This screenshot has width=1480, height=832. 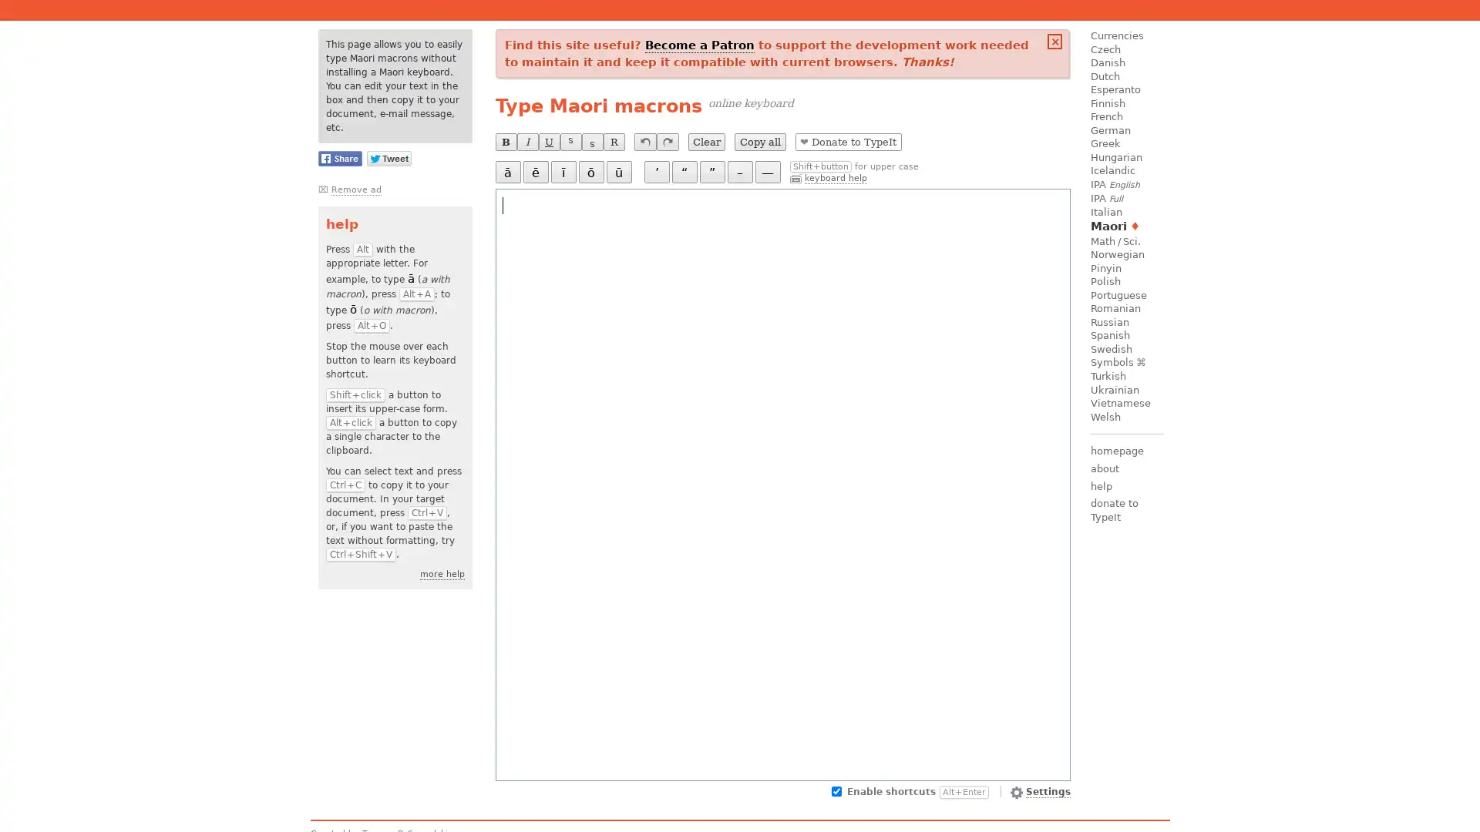 What do you see at coordinates (759, 142) in the screenshot?
I see `Copy all` at bounding box center [759, 142].